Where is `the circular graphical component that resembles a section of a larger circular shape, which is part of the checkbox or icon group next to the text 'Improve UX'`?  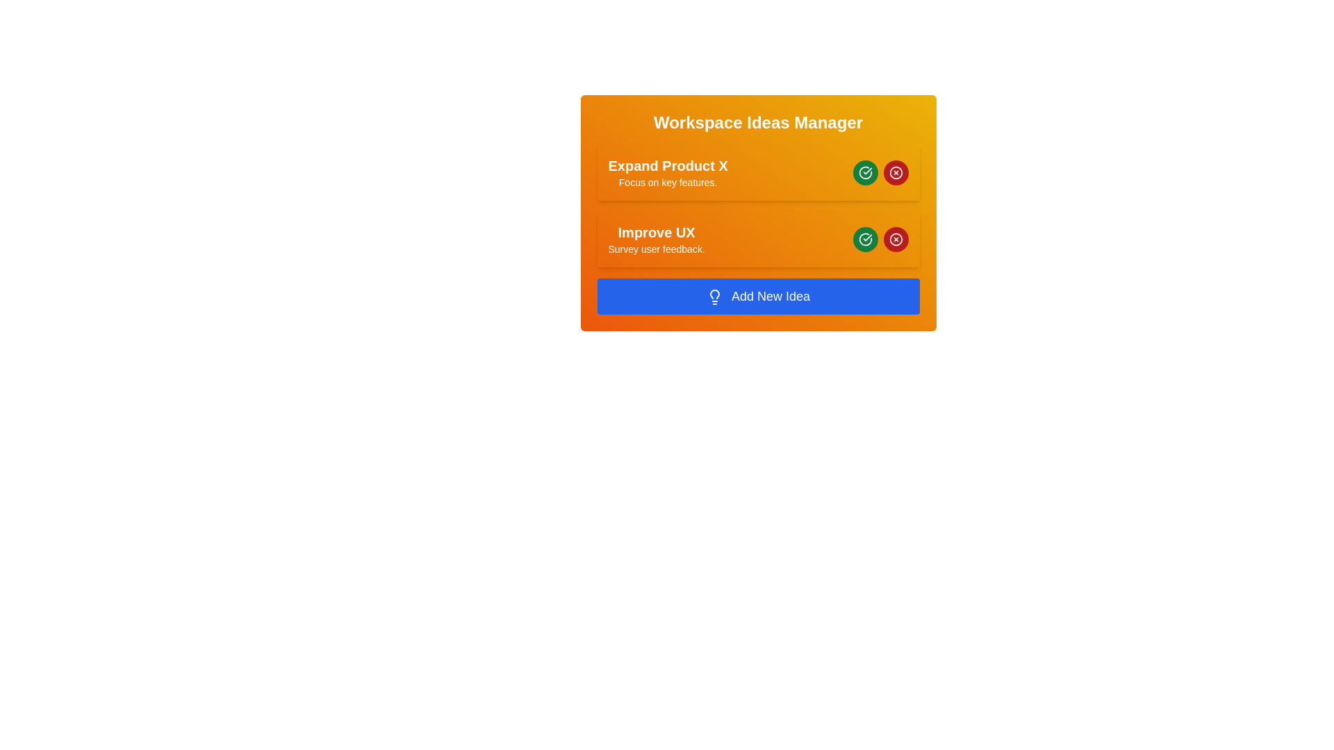 the circular graphical component that resembles a section of a larger circular shape, which is part of the checkbox or icon group next to the text 'Improve UX' is located at coordinates (864, 238).